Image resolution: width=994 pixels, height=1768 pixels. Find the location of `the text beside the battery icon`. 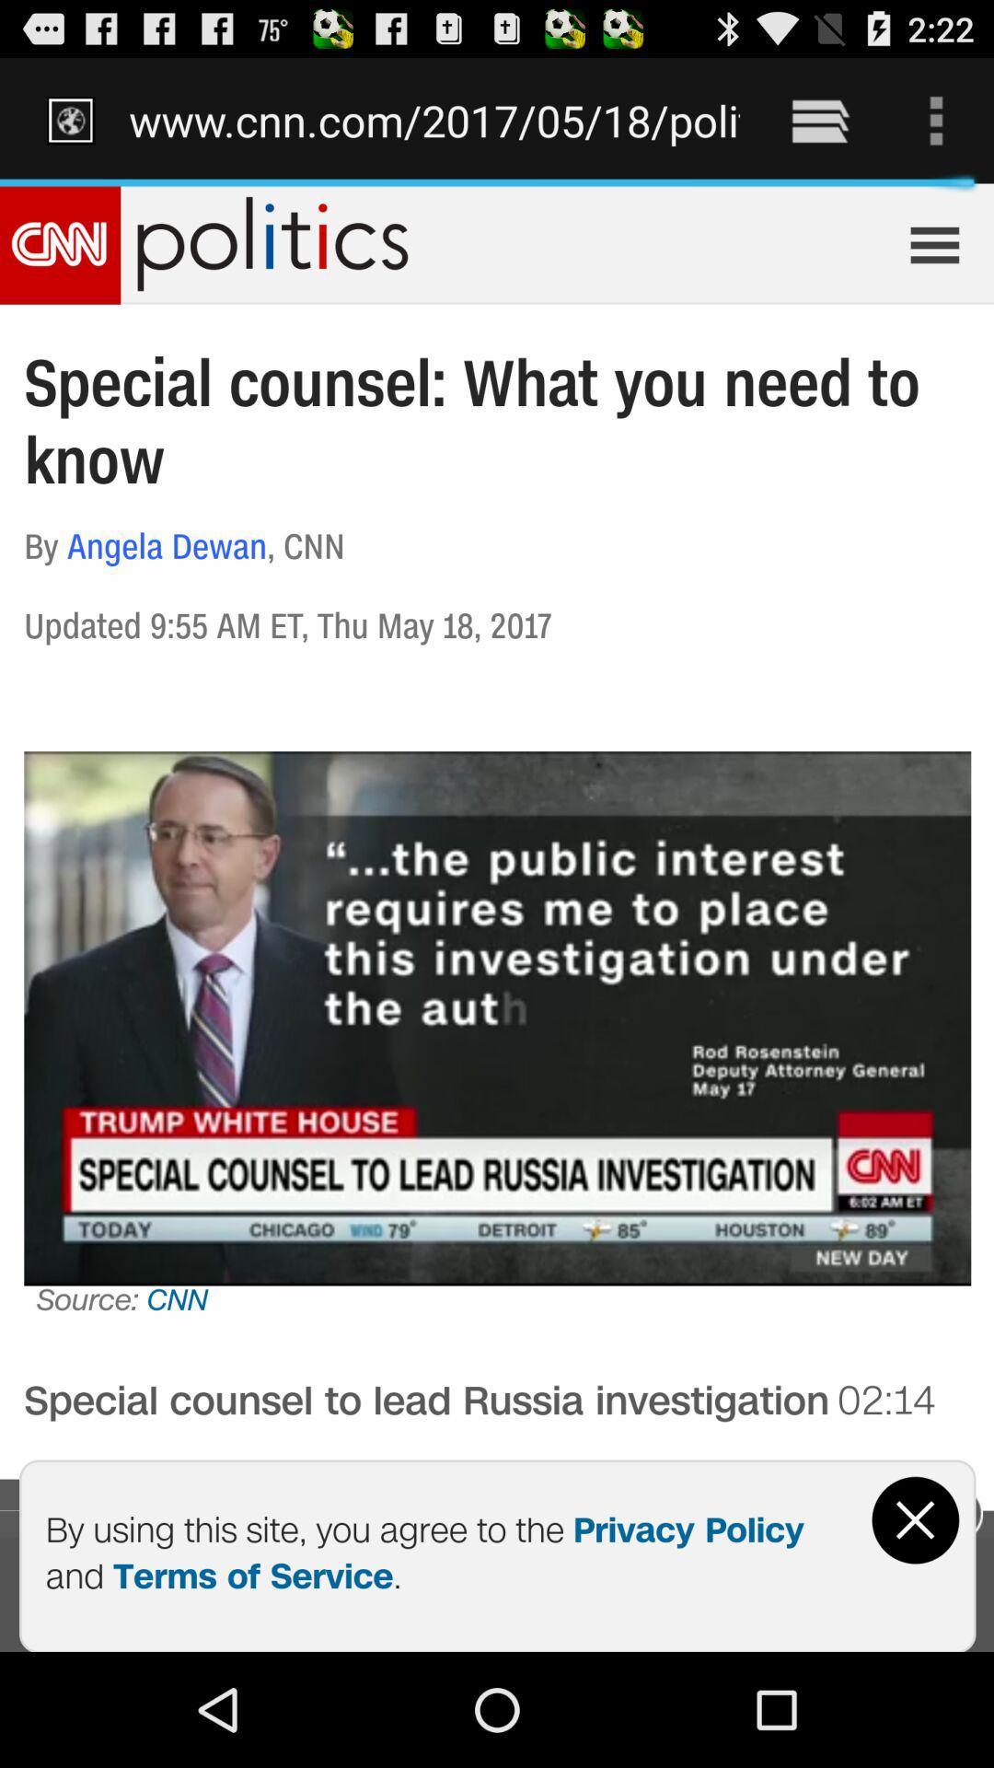

the text beside the battery icon is located at coordinates (936, 67).